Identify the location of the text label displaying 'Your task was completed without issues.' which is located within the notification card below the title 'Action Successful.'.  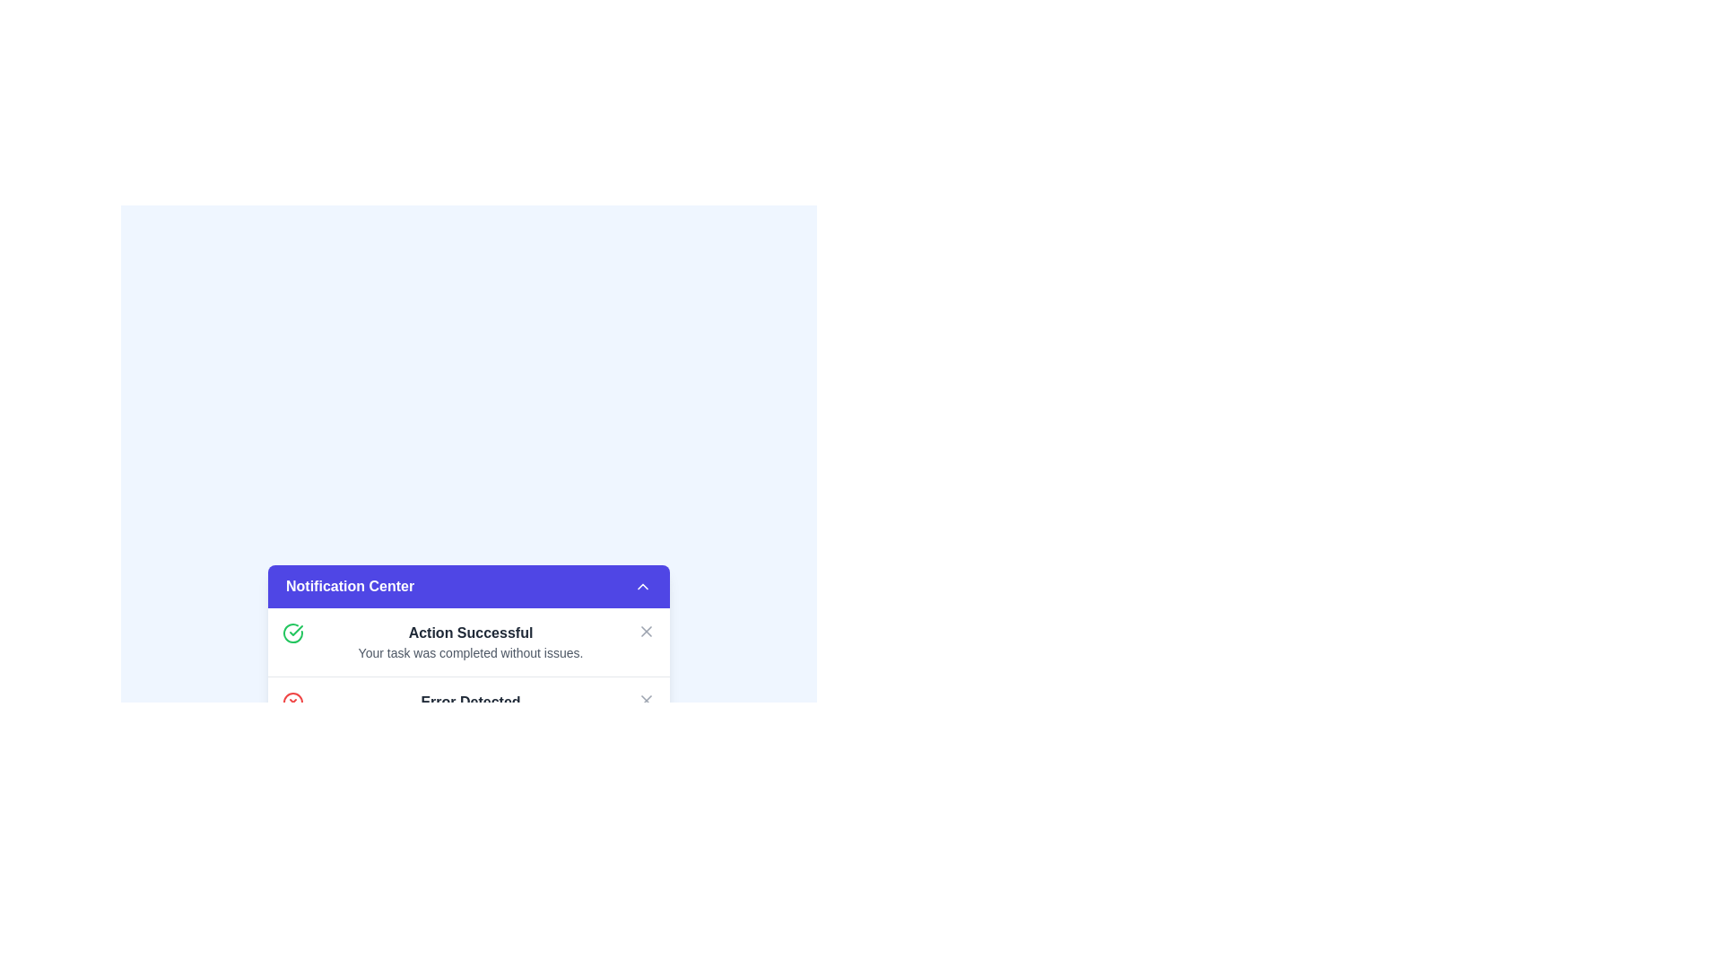
(470, 653).